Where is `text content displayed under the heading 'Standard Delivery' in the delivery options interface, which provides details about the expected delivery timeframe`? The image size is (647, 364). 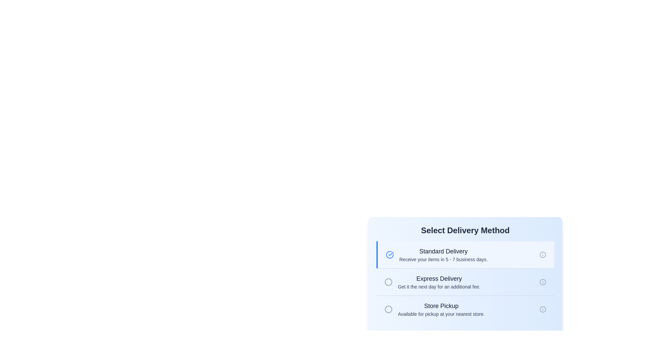 text content displayed under the heading 'Standard Delivery' in the delivery options interface, which provides details about the expected delivery timeframe is located at coordinates (443, 259).